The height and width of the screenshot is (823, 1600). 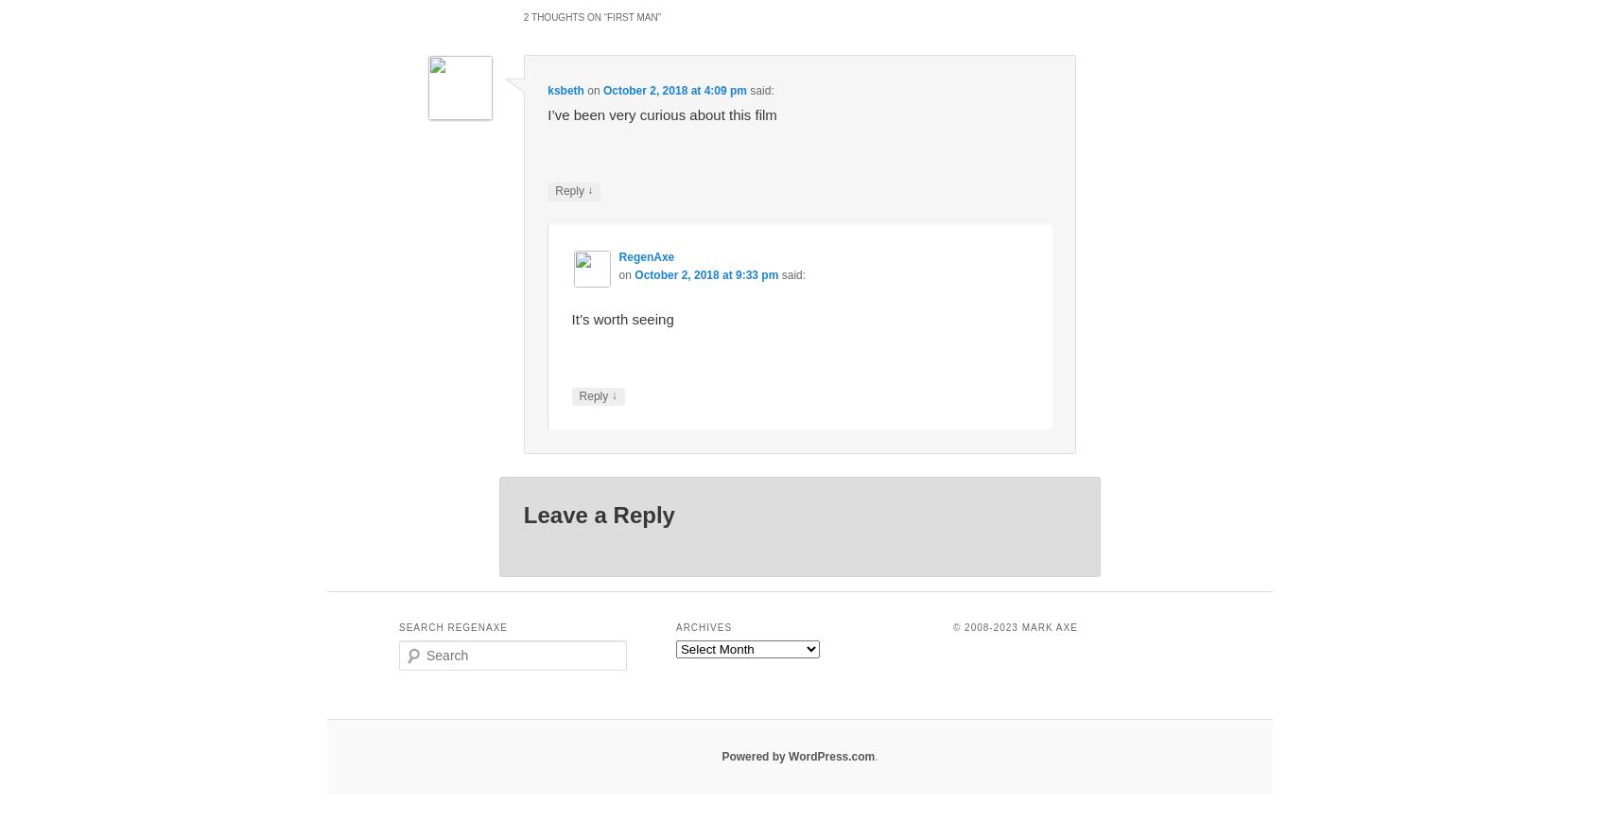 What do you see at coordinates (661, 113) in the screenshot?
I see `'I’ve been very curious about this film'` at bounding box center [661, 113].